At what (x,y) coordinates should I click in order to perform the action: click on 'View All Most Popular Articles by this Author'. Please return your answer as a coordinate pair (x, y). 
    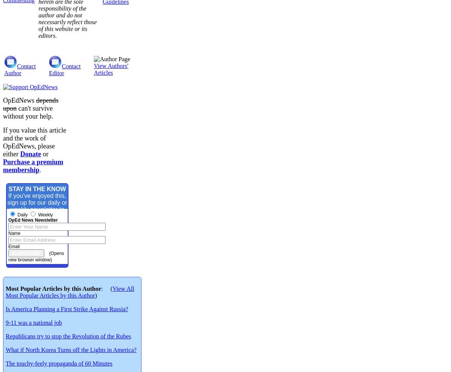
    Looking at the image, I should click on (69, 292).